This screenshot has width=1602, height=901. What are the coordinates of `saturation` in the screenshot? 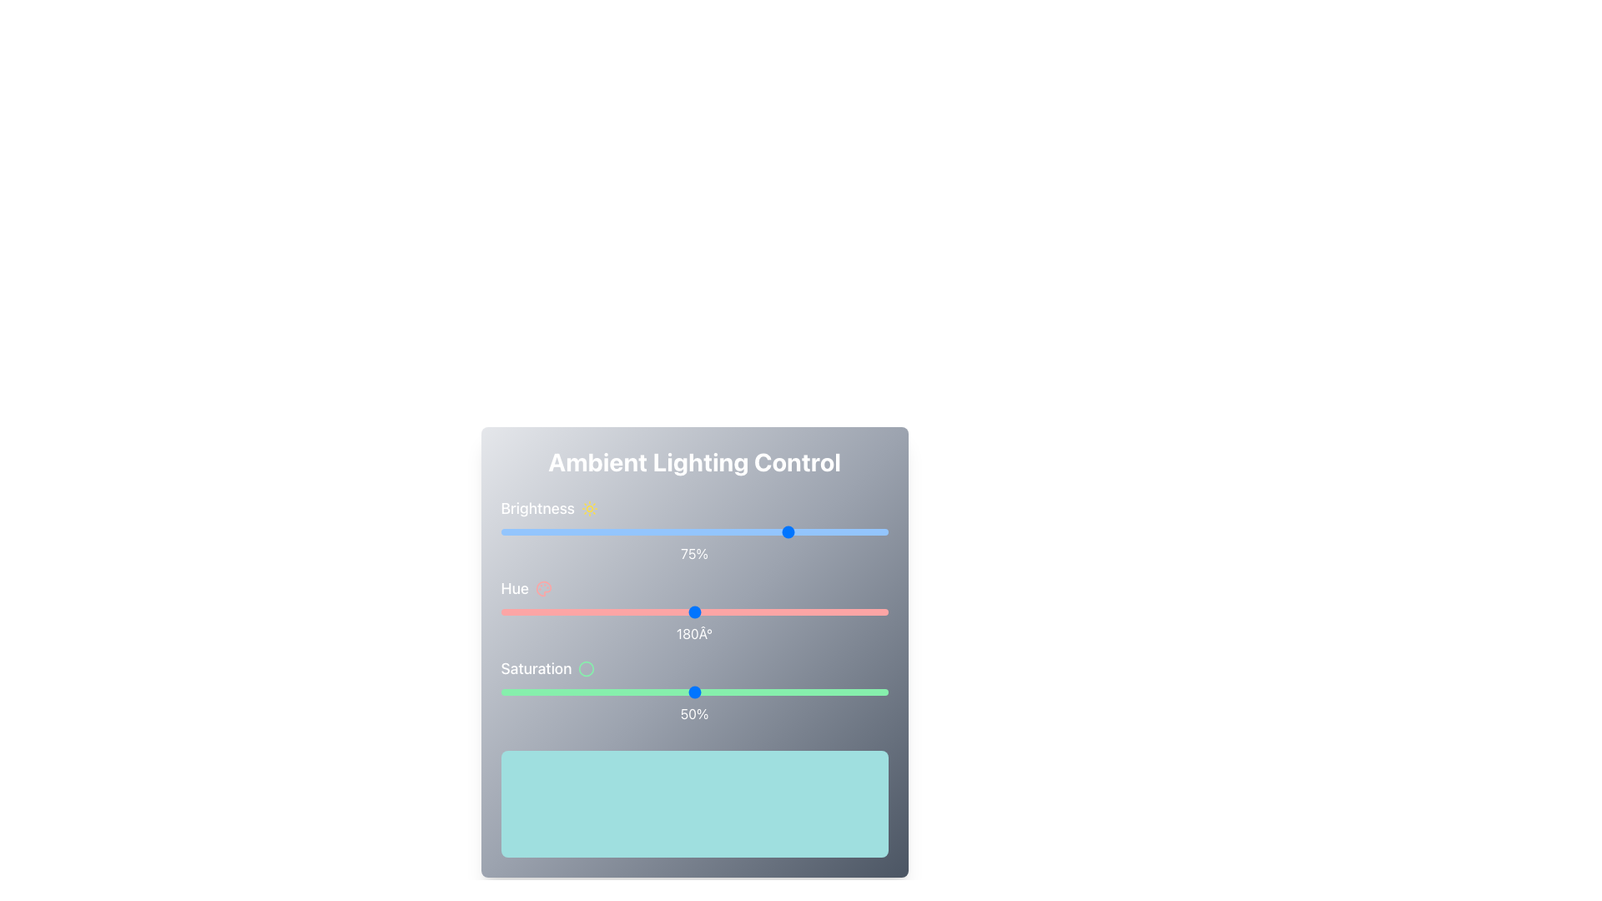 It's located at (547, 692).